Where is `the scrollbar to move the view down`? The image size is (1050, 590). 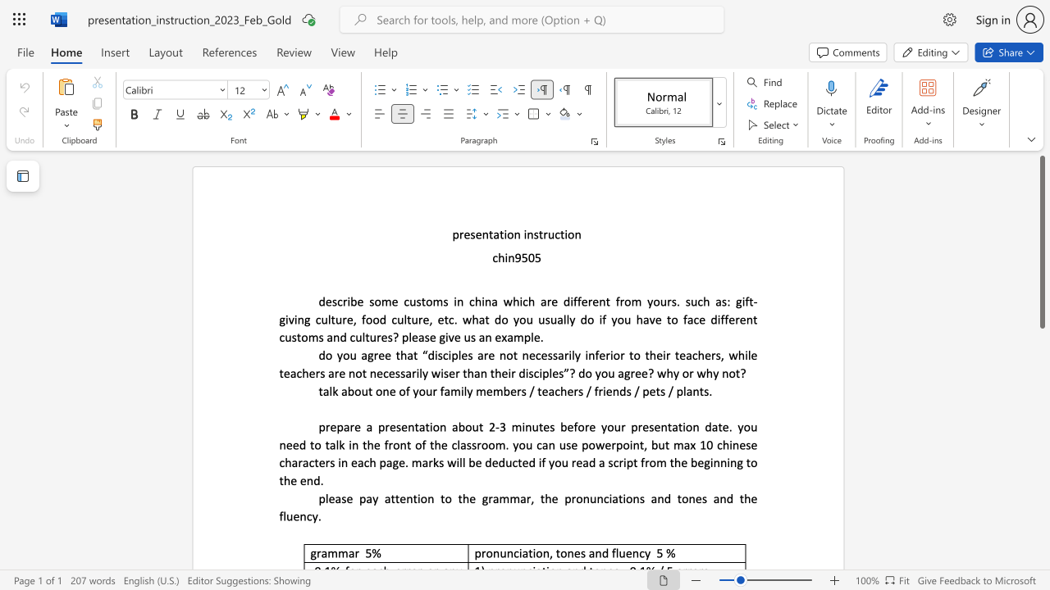 the scrollbar to move the view down is located at coordinates (1041, 408).